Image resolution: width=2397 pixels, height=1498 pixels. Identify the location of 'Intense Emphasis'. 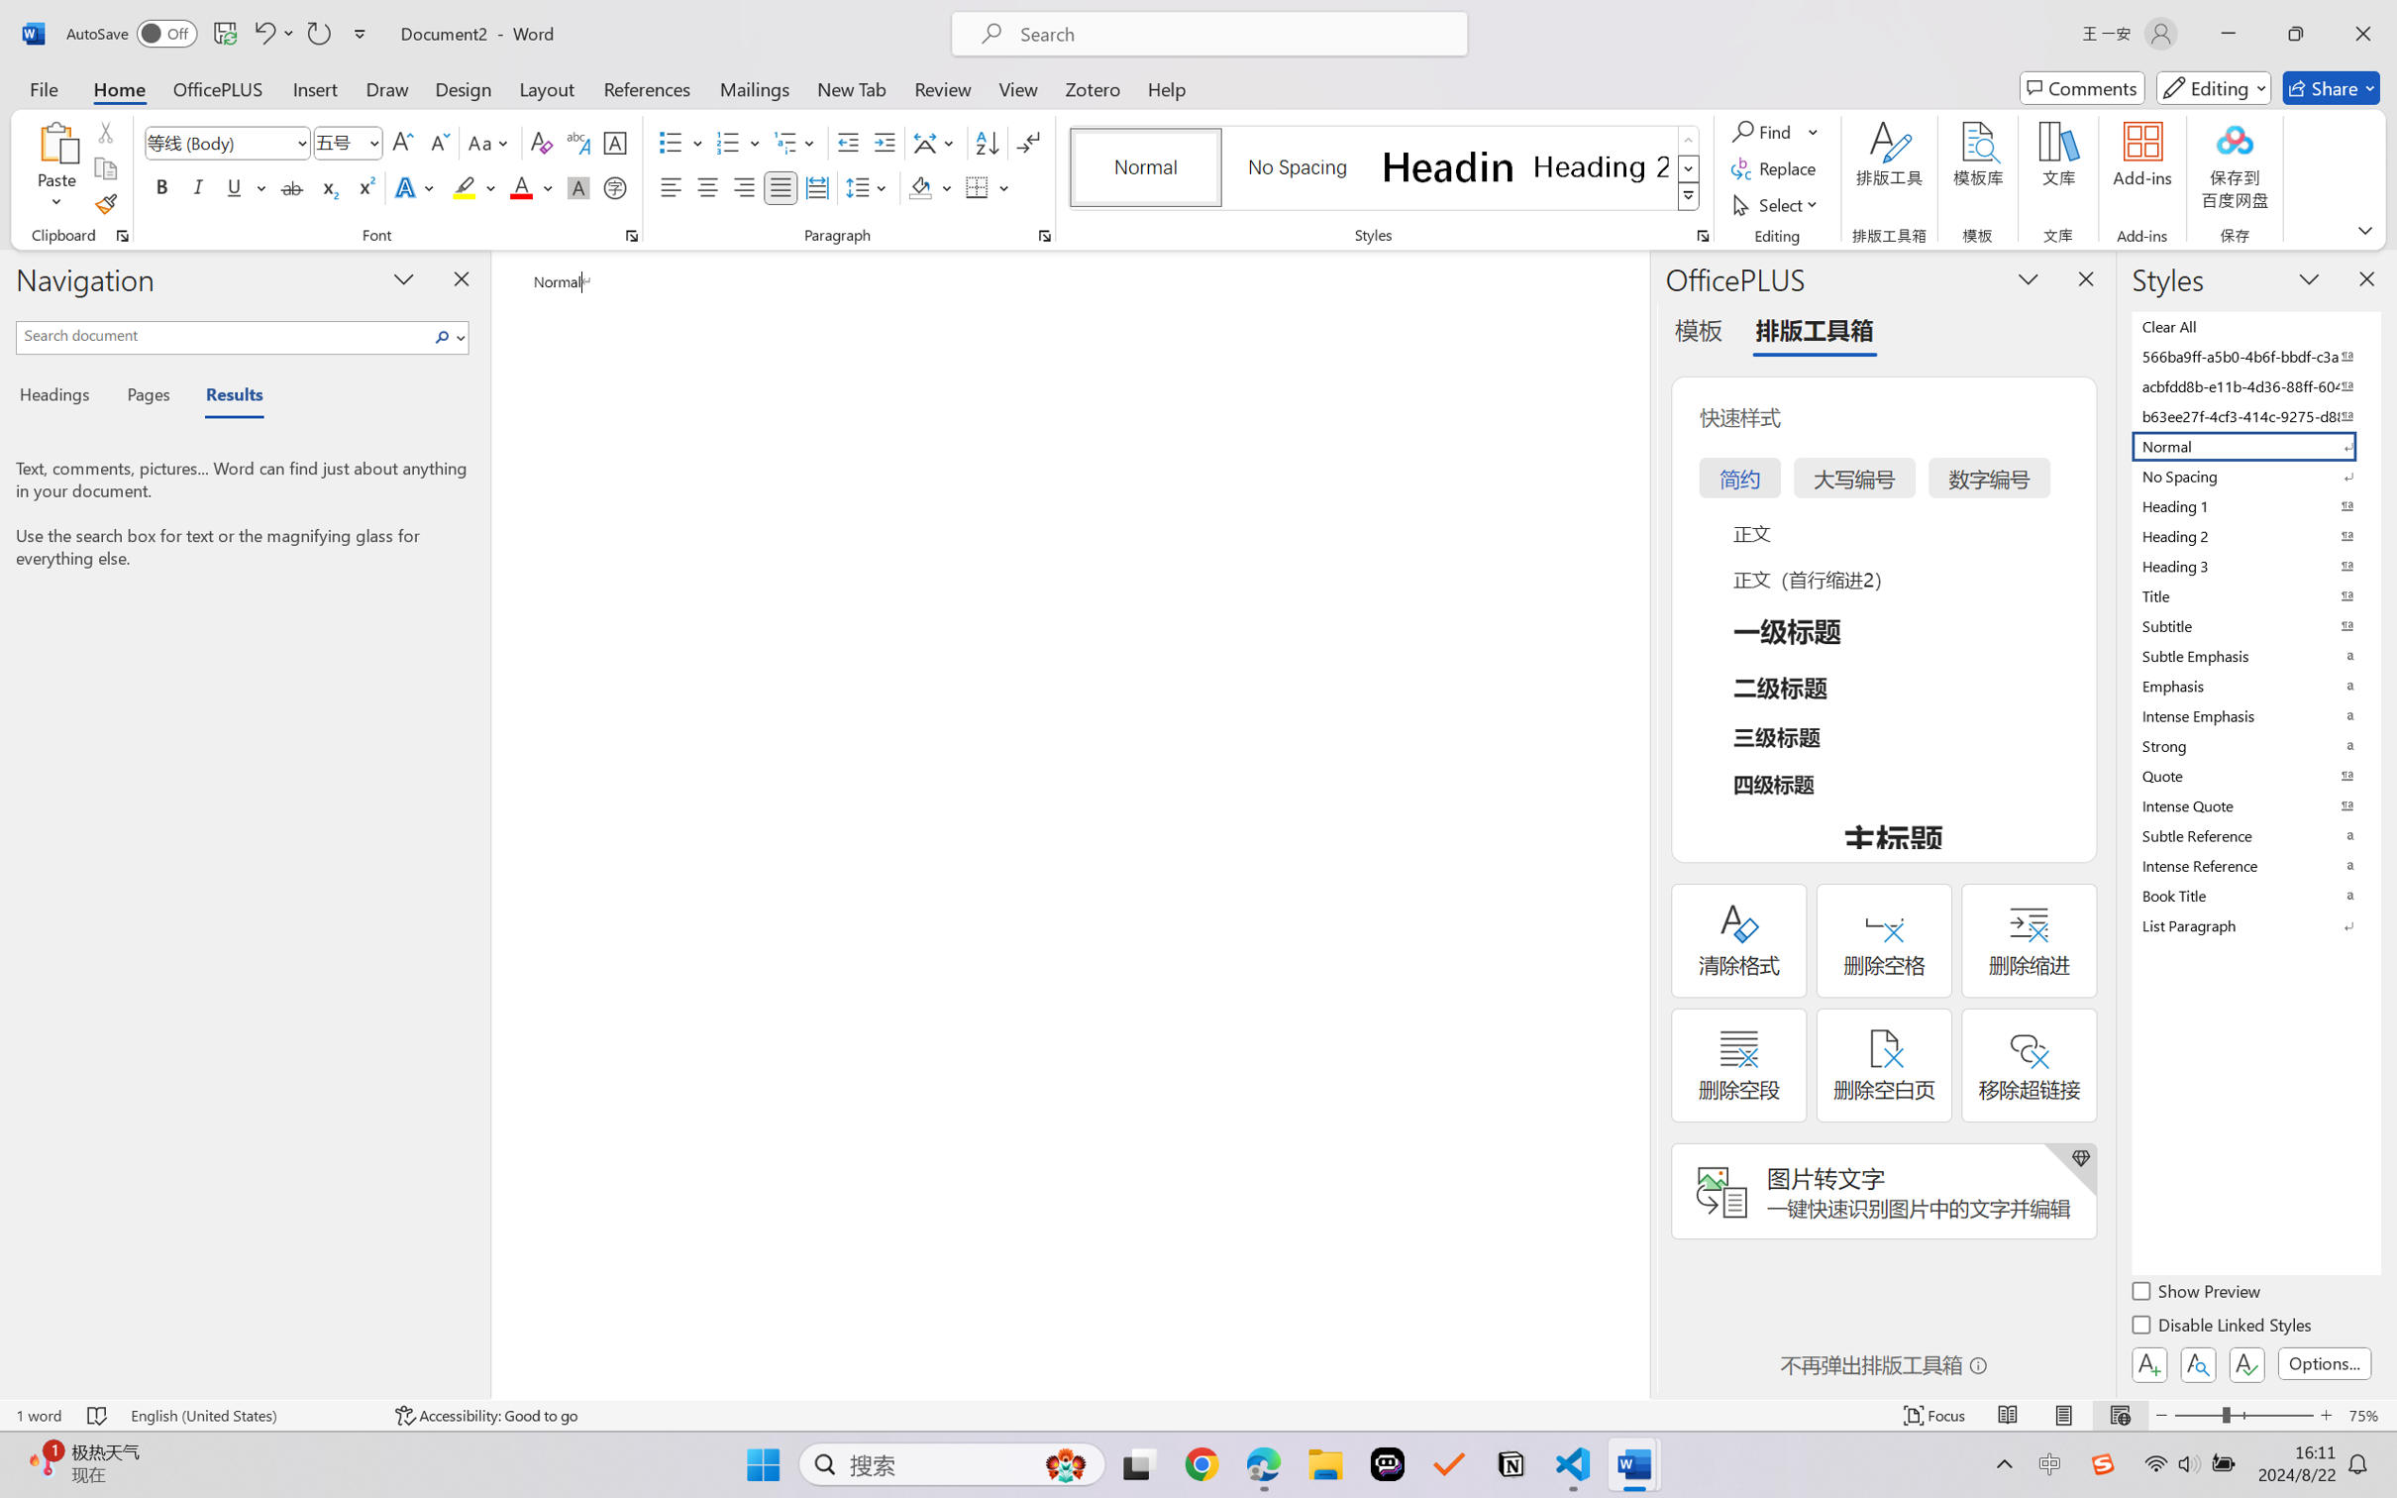
(2253, 715).